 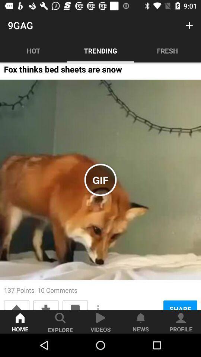 I want to click on the item below the 137 points 	10 item, so click(x=46, y=305).